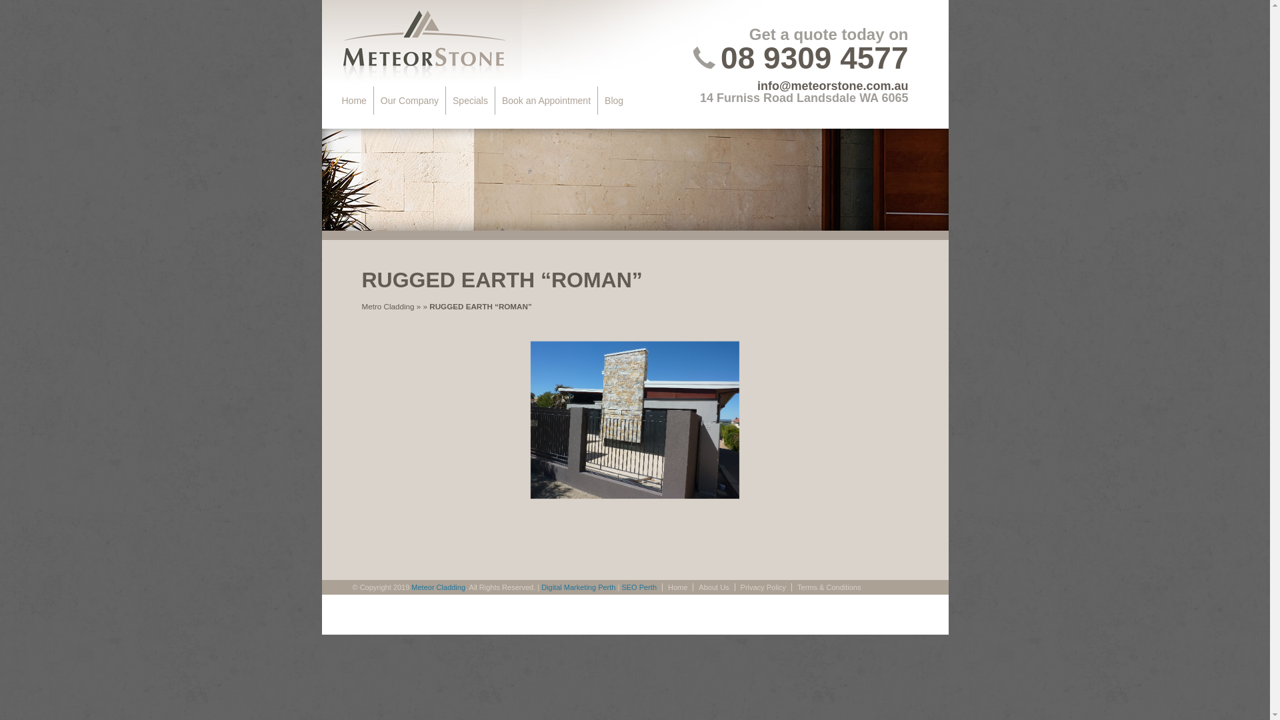 This screenshot has width=1280, height=720. Describe the element at coordinates (578, 586) in the screenshot. I see `'Digital Marketing Perth'` at that location.